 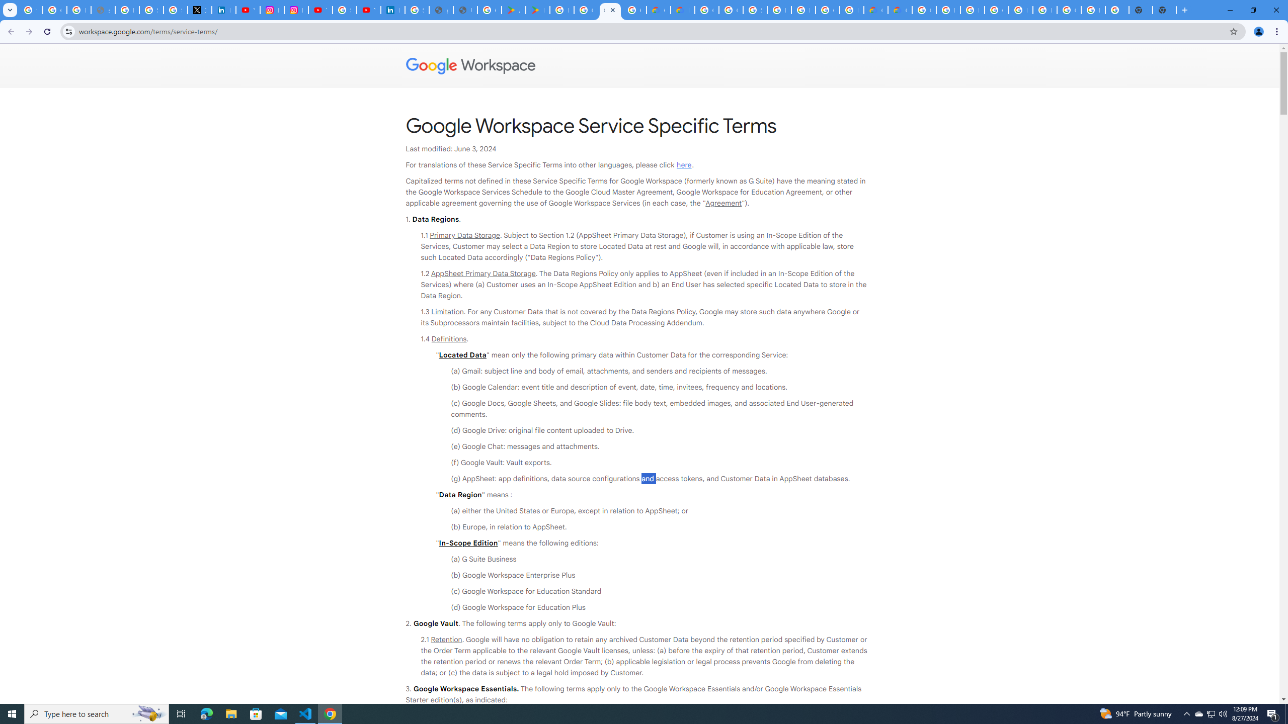 What do you see at coordinates (127, 10) in the screenshot?
I see `'Privacy Help Center - Policies Help'` at bounding box center [127, 10].